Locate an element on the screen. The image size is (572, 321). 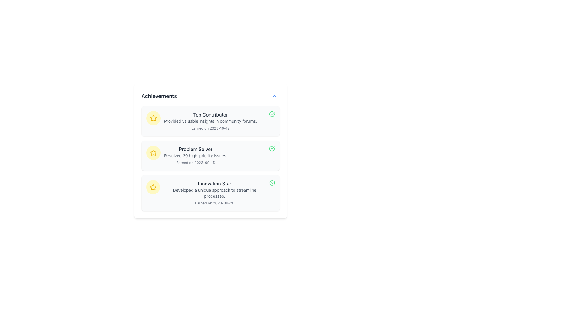
green checkmark icon component located on the right side of the 'Top Contributor' text in the achievements section for accessibility or styling purposes is located at coordinates (271, 148).